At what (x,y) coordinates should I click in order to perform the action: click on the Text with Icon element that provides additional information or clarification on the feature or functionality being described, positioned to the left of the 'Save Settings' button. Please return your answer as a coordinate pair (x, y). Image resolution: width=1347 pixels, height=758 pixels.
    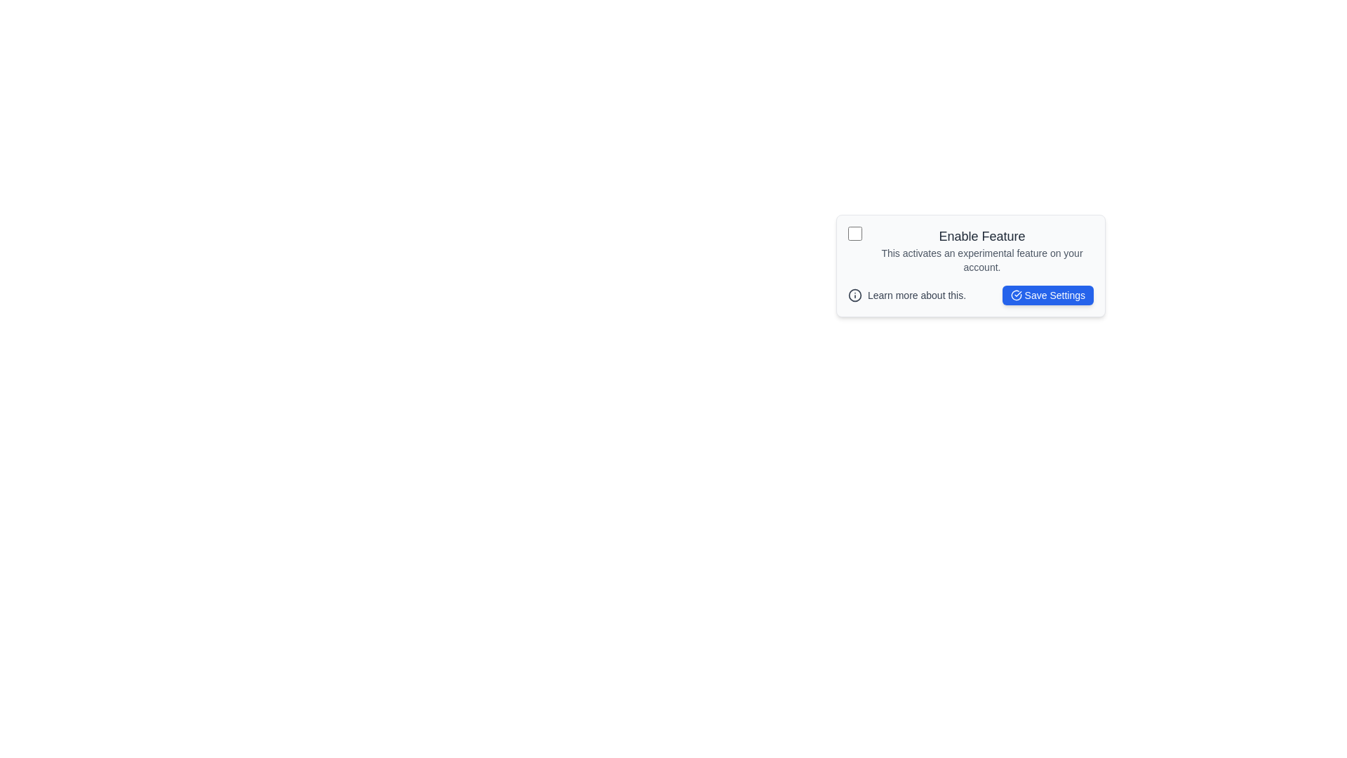
    Looking at the image, I should click on (907, 294).